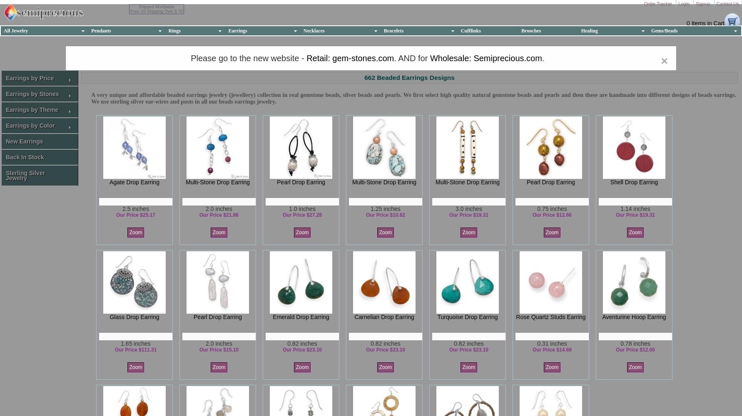  I want to click on 'Login', so click(685, 4).